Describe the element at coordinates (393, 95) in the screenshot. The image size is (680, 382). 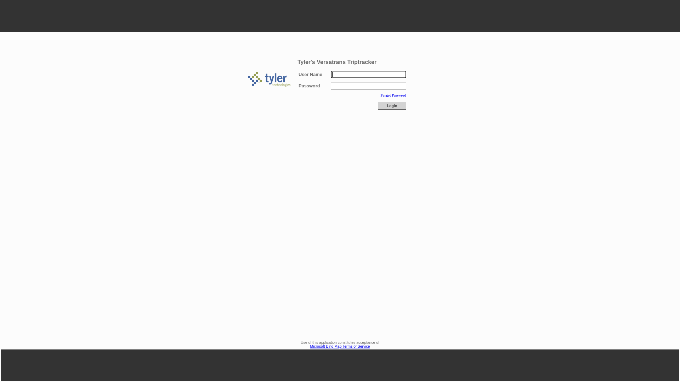
I see `'Forgot Password'` at that location.